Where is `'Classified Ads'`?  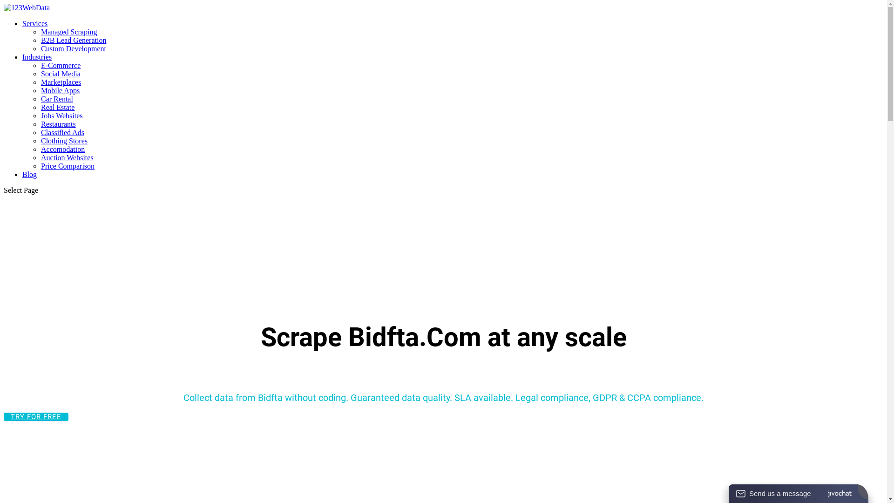
'Classified Ads' is located at coordinates (62, 132).